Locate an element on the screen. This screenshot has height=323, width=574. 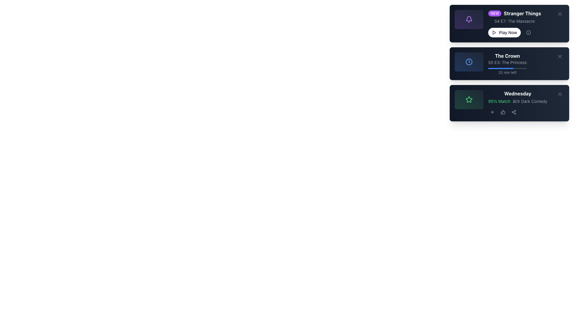
the play button located in the top-right corner of the interface to initiate media playback is located at coordinates (494, 32).